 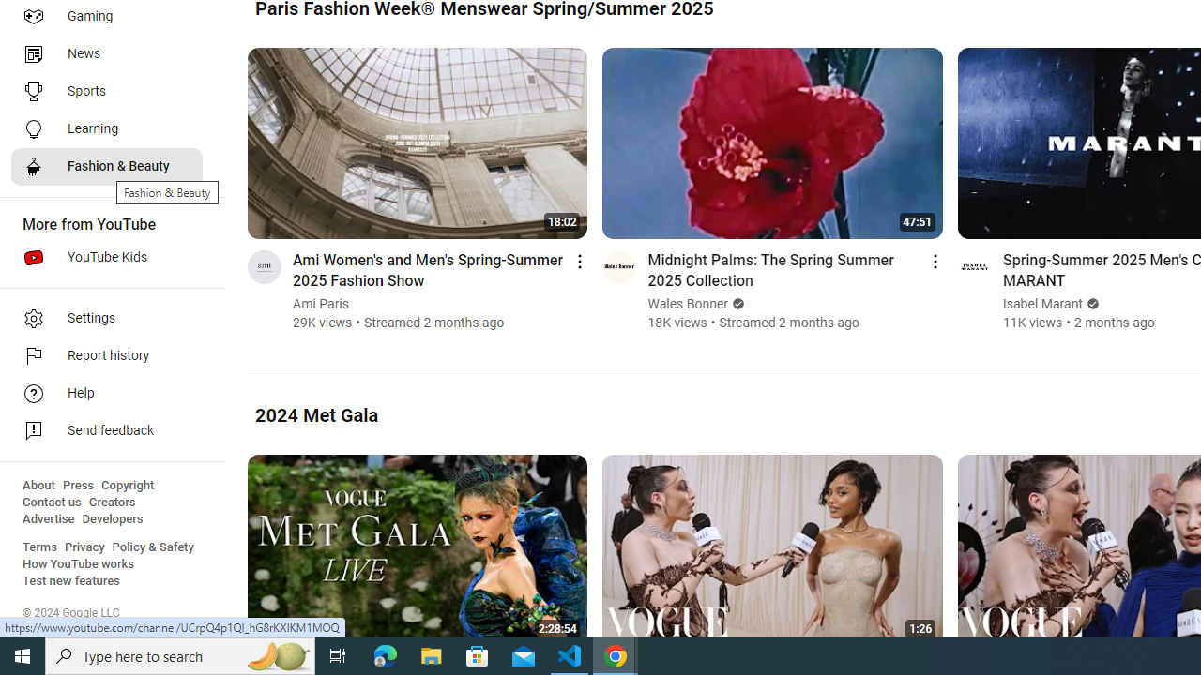 I want to click on 'Policy & Safety', so click(x=153, y=547).